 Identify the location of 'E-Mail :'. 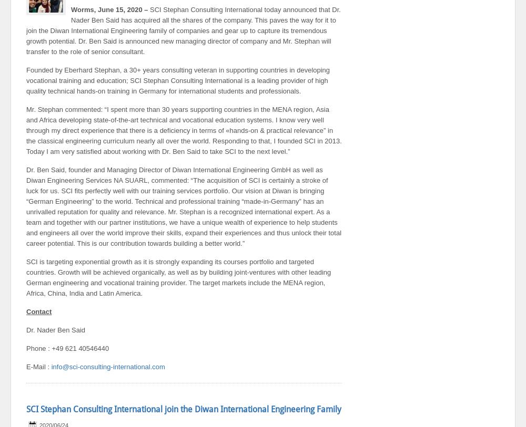
(38, 367).